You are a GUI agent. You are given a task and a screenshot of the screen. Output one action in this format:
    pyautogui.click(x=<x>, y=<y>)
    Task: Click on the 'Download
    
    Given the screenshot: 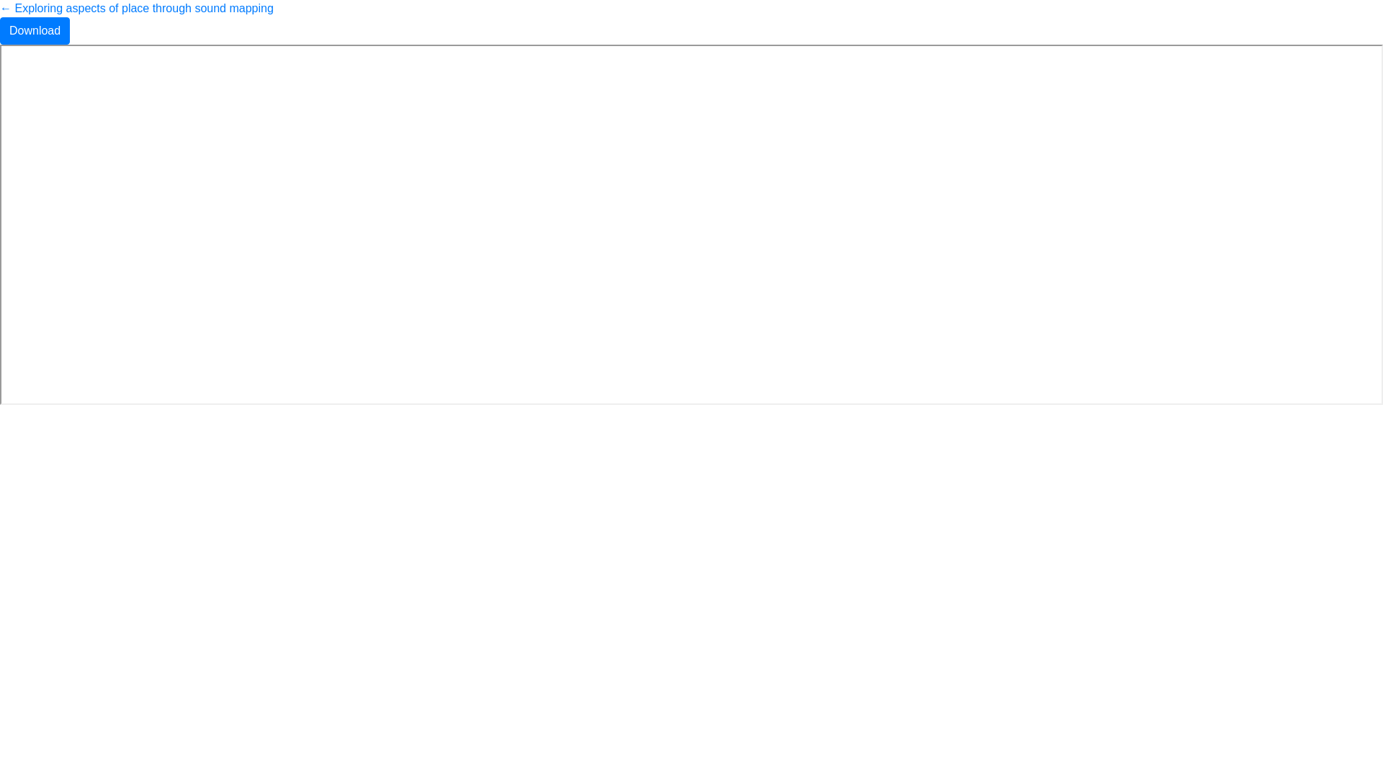 What is the action you would take?
    pyautogui.click(x=35, y=30)
    